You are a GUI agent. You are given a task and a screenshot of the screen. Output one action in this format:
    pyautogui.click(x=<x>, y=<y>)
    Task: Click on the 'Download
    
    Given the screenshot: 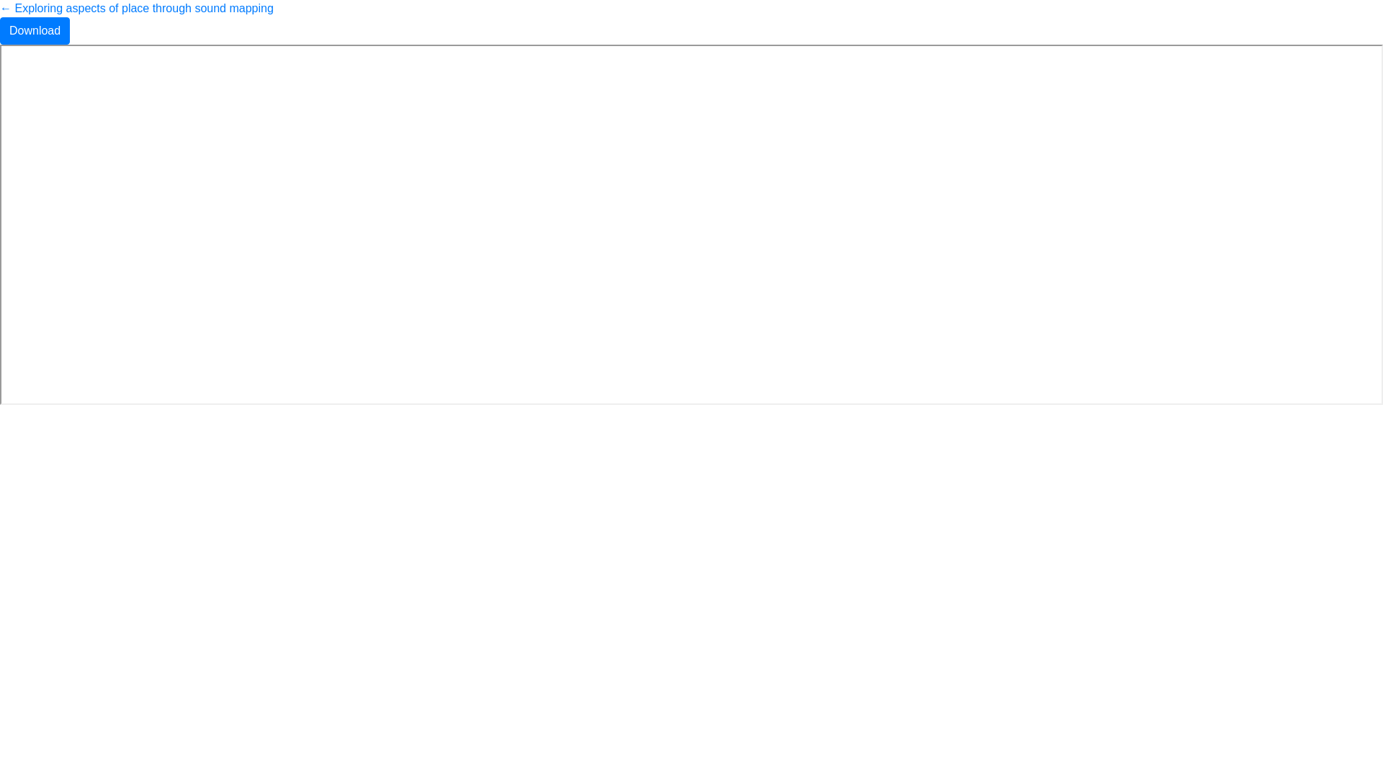 What is the action you would take?
    pyautogui.click(x=35, y=30)
    